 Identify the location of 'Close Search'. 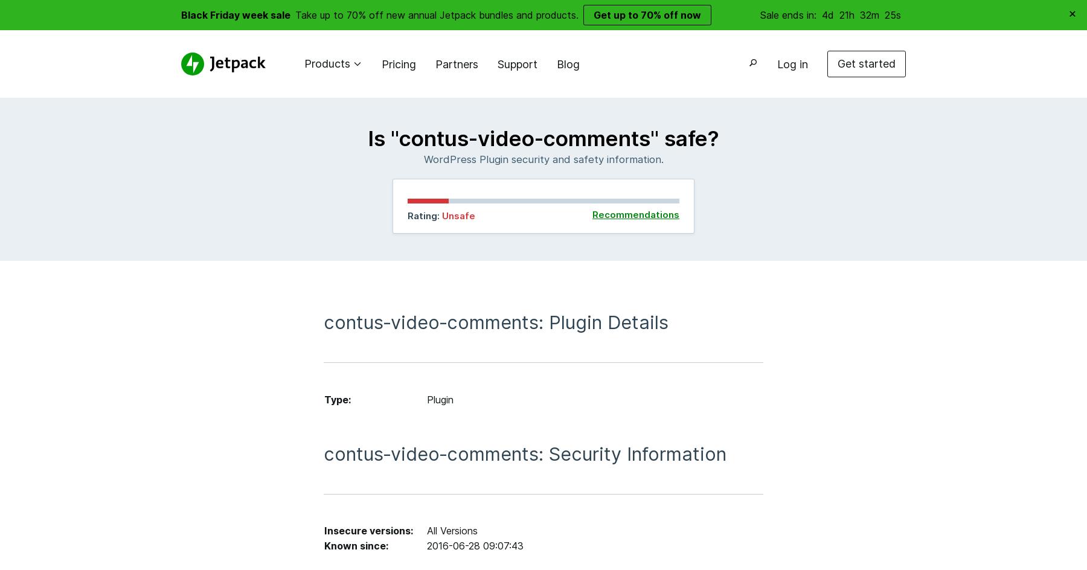
(1026, 537).